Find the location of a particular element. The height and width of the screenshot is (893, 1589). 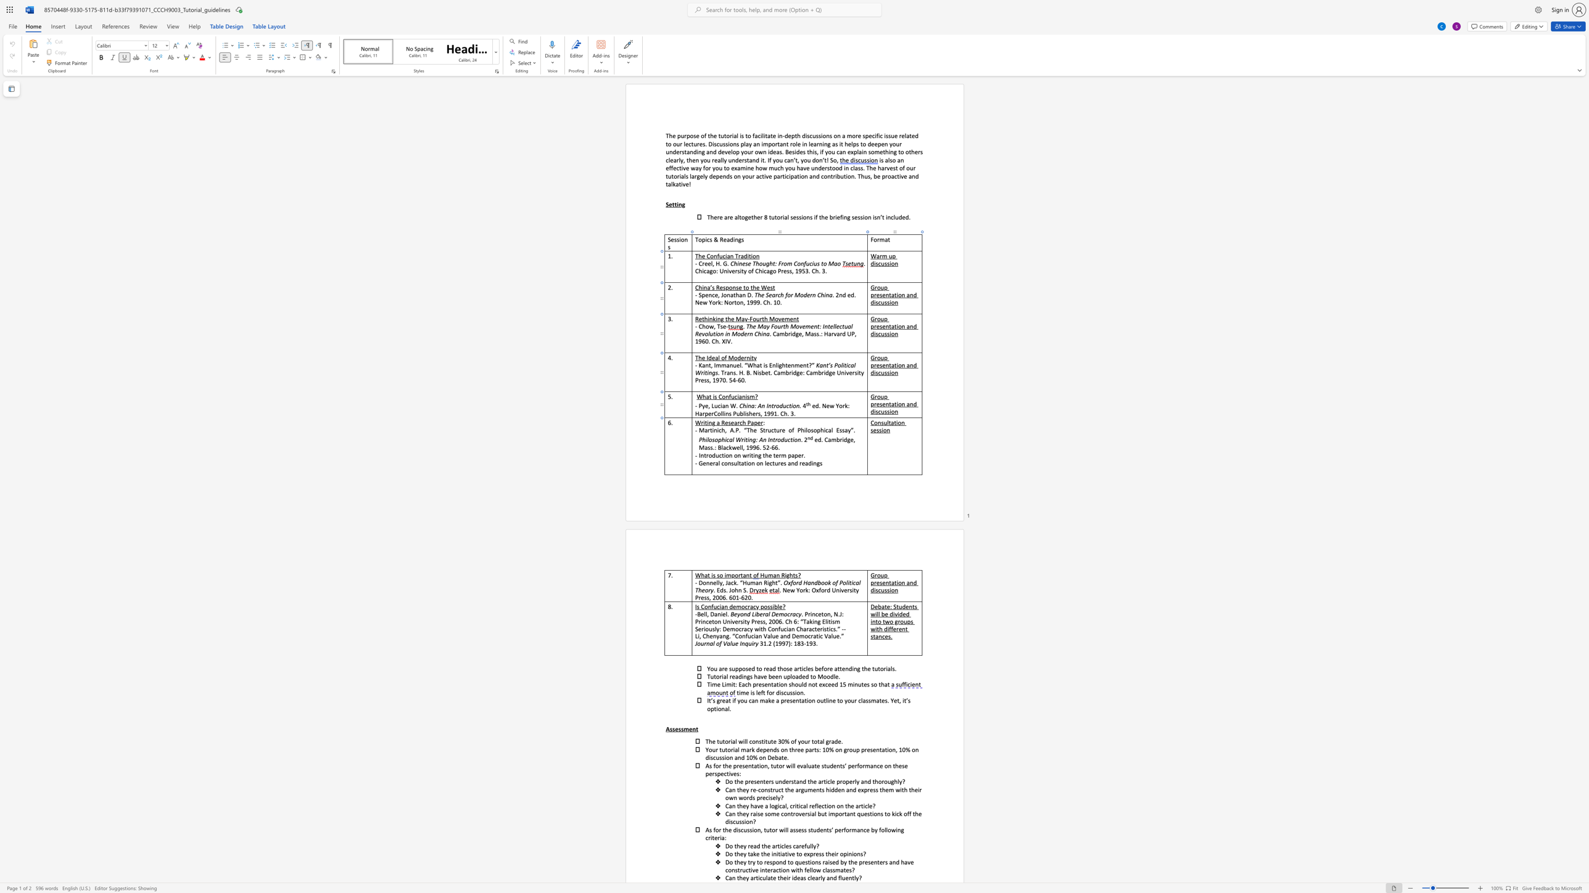

the 1th character "c" in the text is located at coordinates (718, 406).